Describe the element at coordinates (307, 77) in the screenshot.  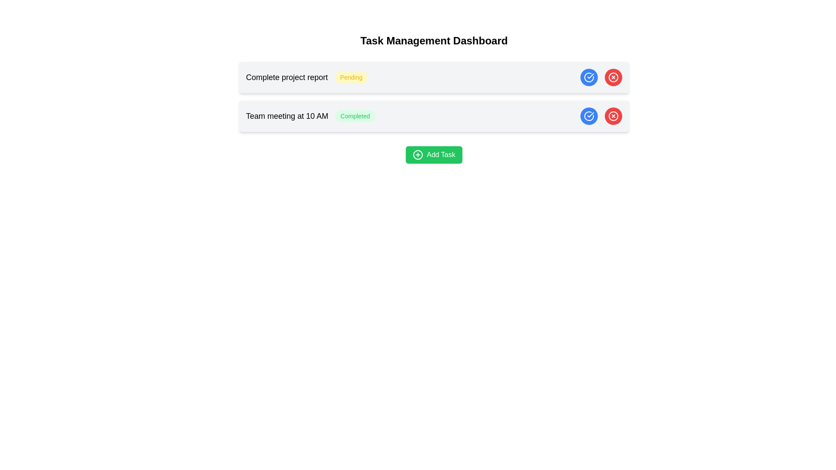
I see `text 'Complete project report' with the status 'Pending' that is displayed in the first task card at the specified coordinates` at that location.